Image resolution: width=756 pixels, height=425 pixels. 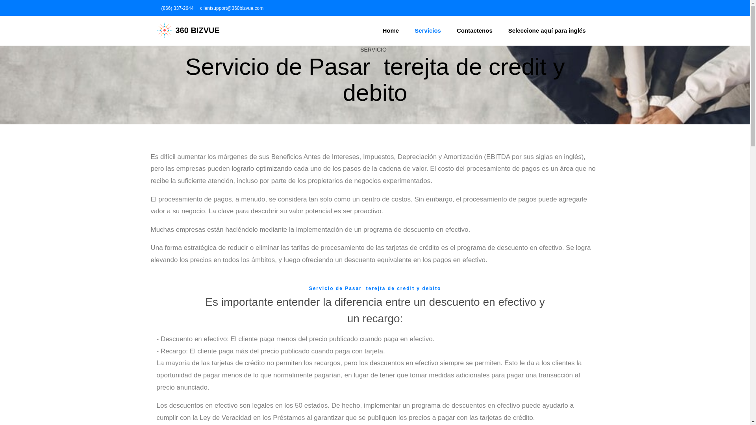 I want to click on 'Home', so click(x=391, y=30).